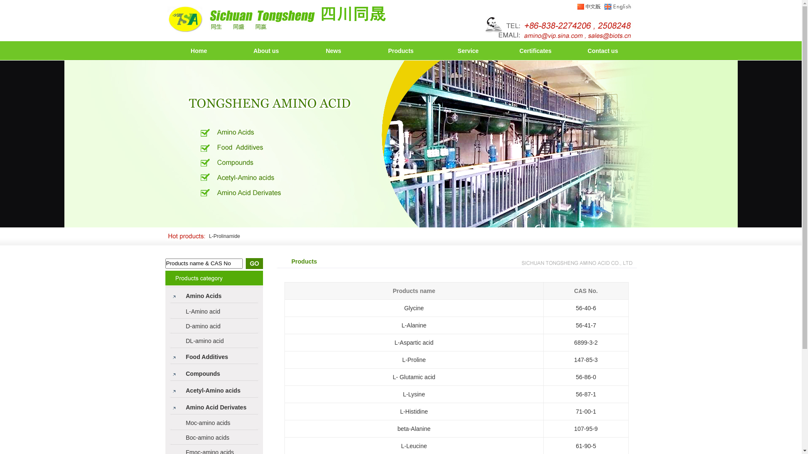 This screenshot has width=808, height=454. Describe the element at coordinates (203, 311) in the screenshot. I see `'L-Amino acid'` at that location.